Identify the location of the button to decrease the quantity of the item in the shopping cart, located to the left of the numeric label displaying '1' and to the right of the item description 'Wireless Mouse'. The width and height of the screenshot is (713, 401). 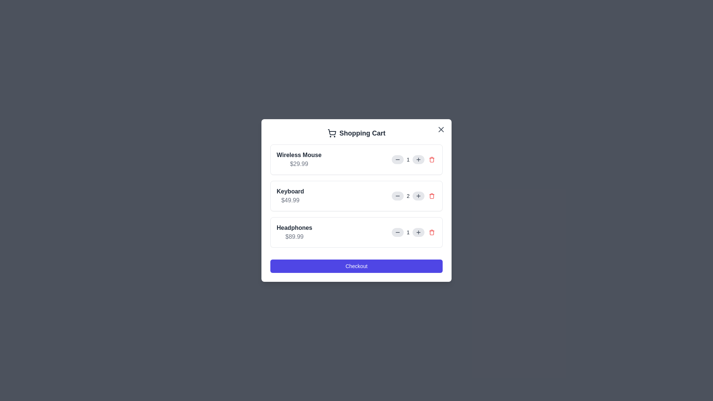
(397, 159).